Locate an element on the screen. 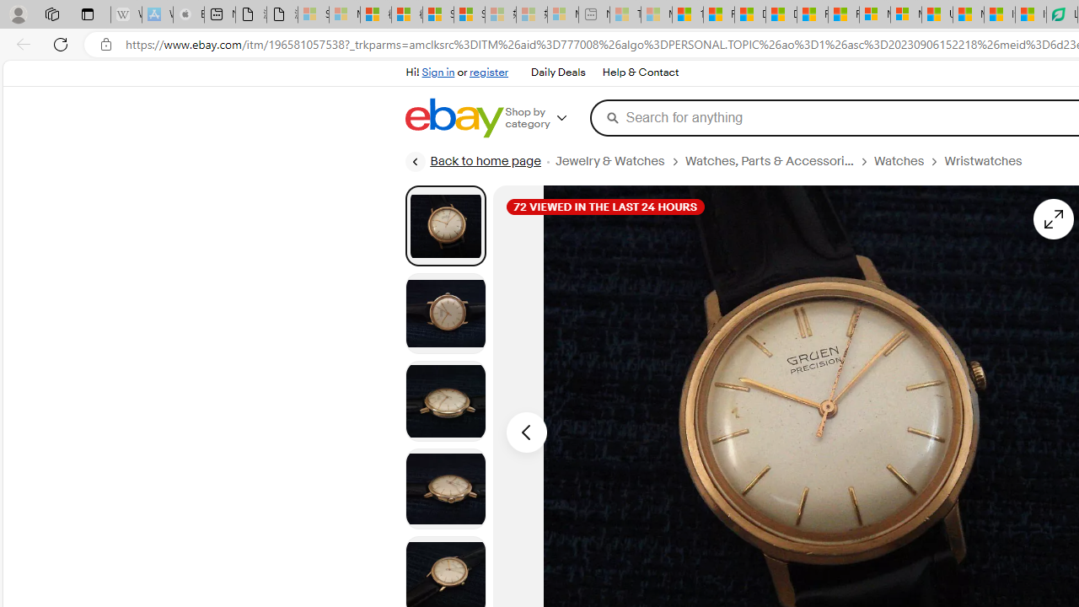 The height and width of the screenshot is (607, 1079). 'Help & Contact' is located at coordinates (639, 72).